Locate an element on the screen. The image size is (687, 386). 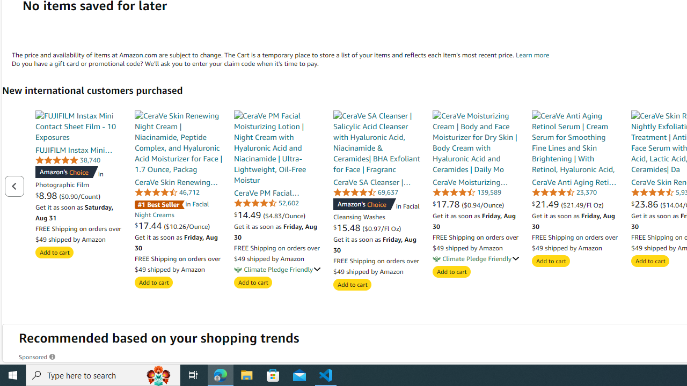
'$17.78 ' is located at coordinates (447, 204).